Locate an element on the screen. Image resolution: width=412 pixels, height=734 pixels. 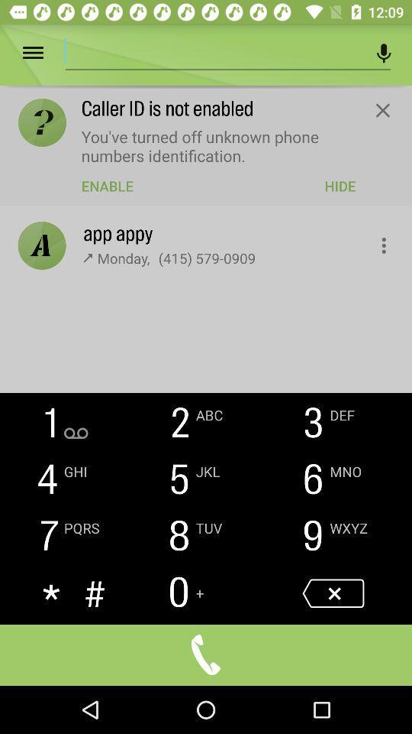
search terms is located at coordinates (214, 50).